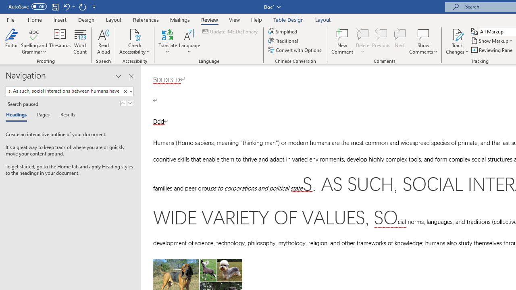 The image size is (516, 290). Describe the element at coordinates (34, 34) in the screenshot. I see `'Spelling and Grammar'` at that location.